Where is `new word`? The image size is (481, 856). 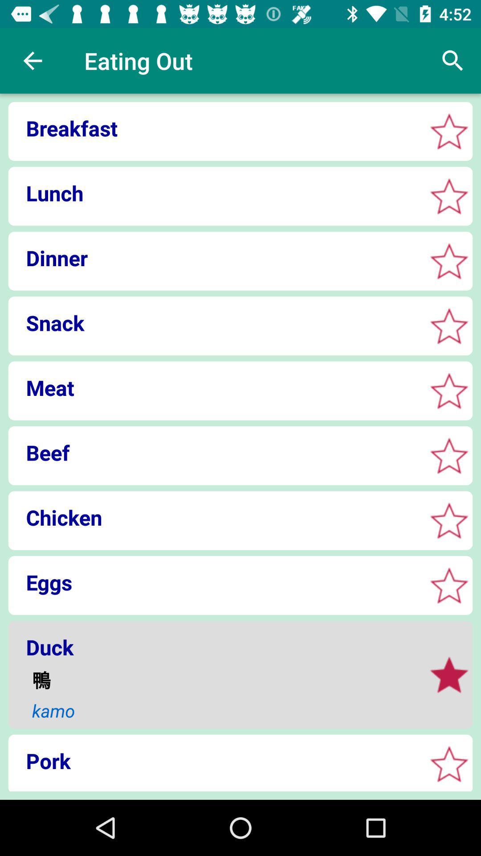 new word is located at coordinates (449, 456).